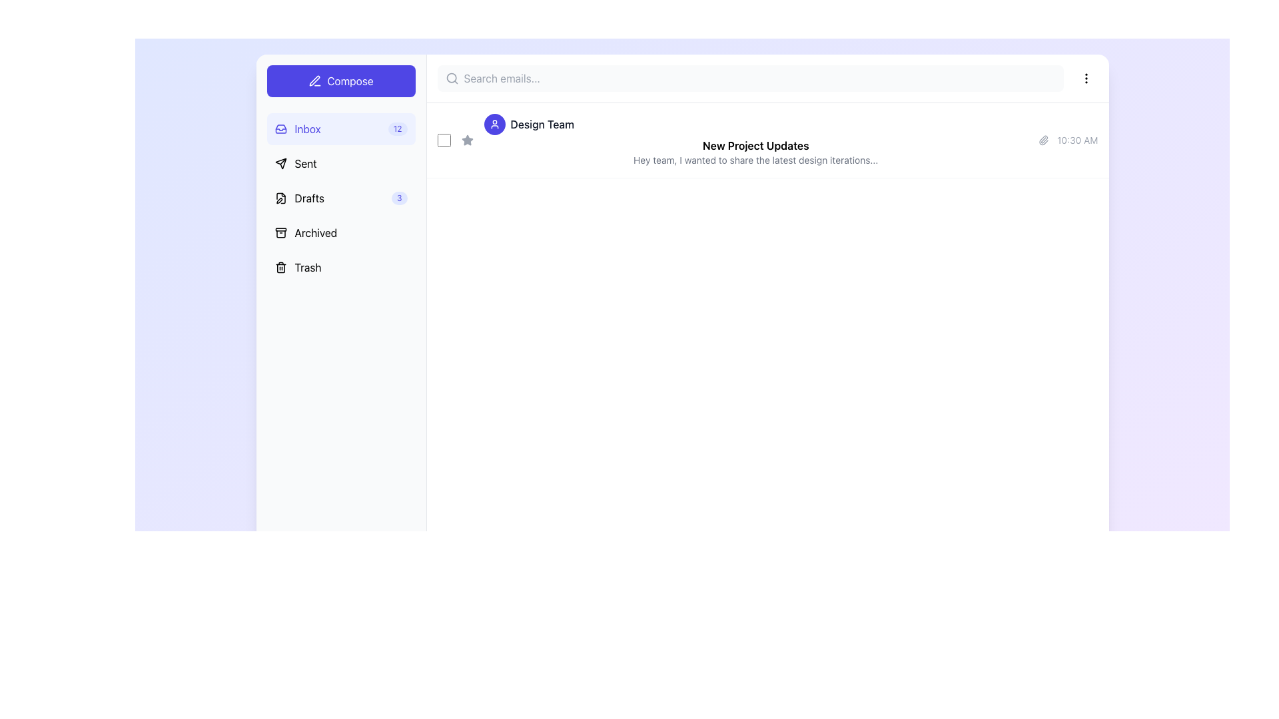  I want to click on the trash bin icon located in the left navigation bar near the bottom, which serves as a visual indicator for managing deleted items, so click(280, 267).